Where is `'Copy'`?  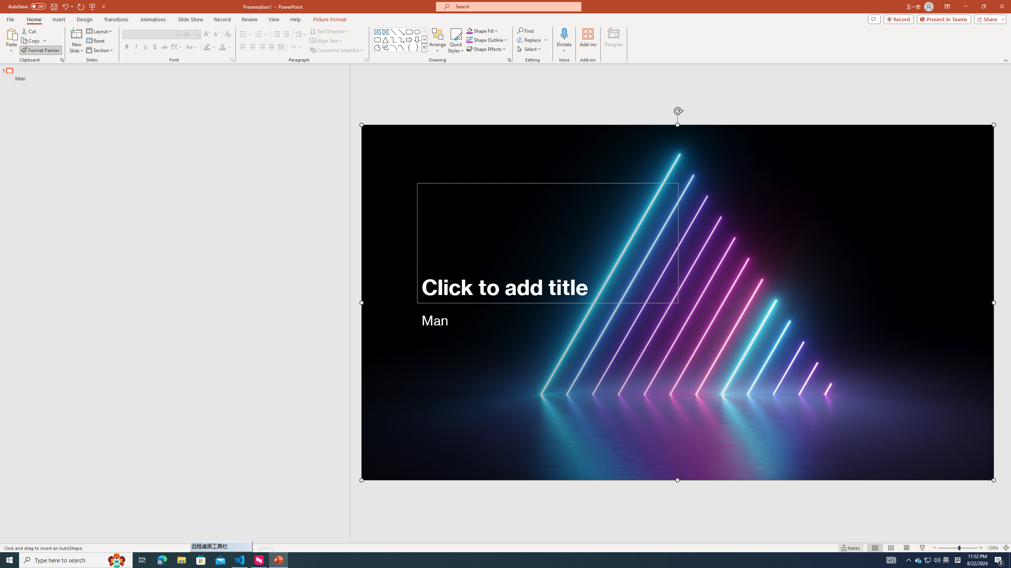
'Copy' is located at coordinates (31, 41).